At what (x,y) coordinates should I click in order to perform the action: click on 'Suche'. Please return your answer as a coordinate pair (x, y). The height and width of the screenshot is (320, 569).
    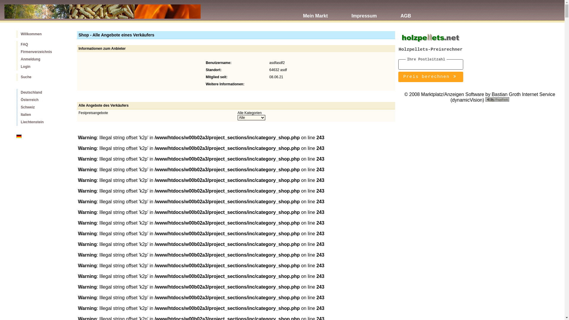
    Looking at the image, I should click on (42, 77).